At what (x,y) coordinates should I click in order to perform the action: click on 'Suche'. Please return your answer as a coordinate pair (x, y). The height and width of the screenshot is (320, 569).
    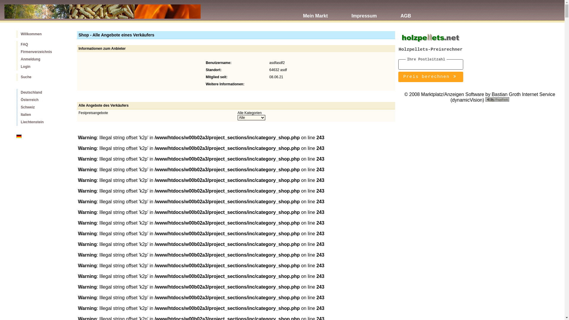
    Looking at the image, I should click on (42, 77).